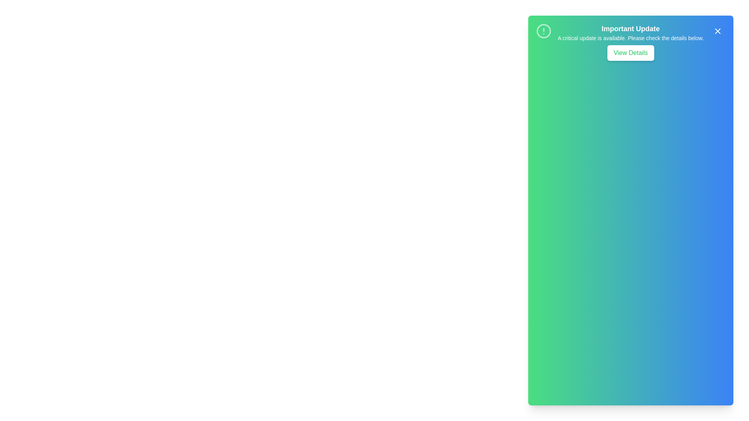  What do you see at coordinates (630, 28) in the screenshot?
I see `the text content to highlight it for reading` at bounding box center [630, 28].